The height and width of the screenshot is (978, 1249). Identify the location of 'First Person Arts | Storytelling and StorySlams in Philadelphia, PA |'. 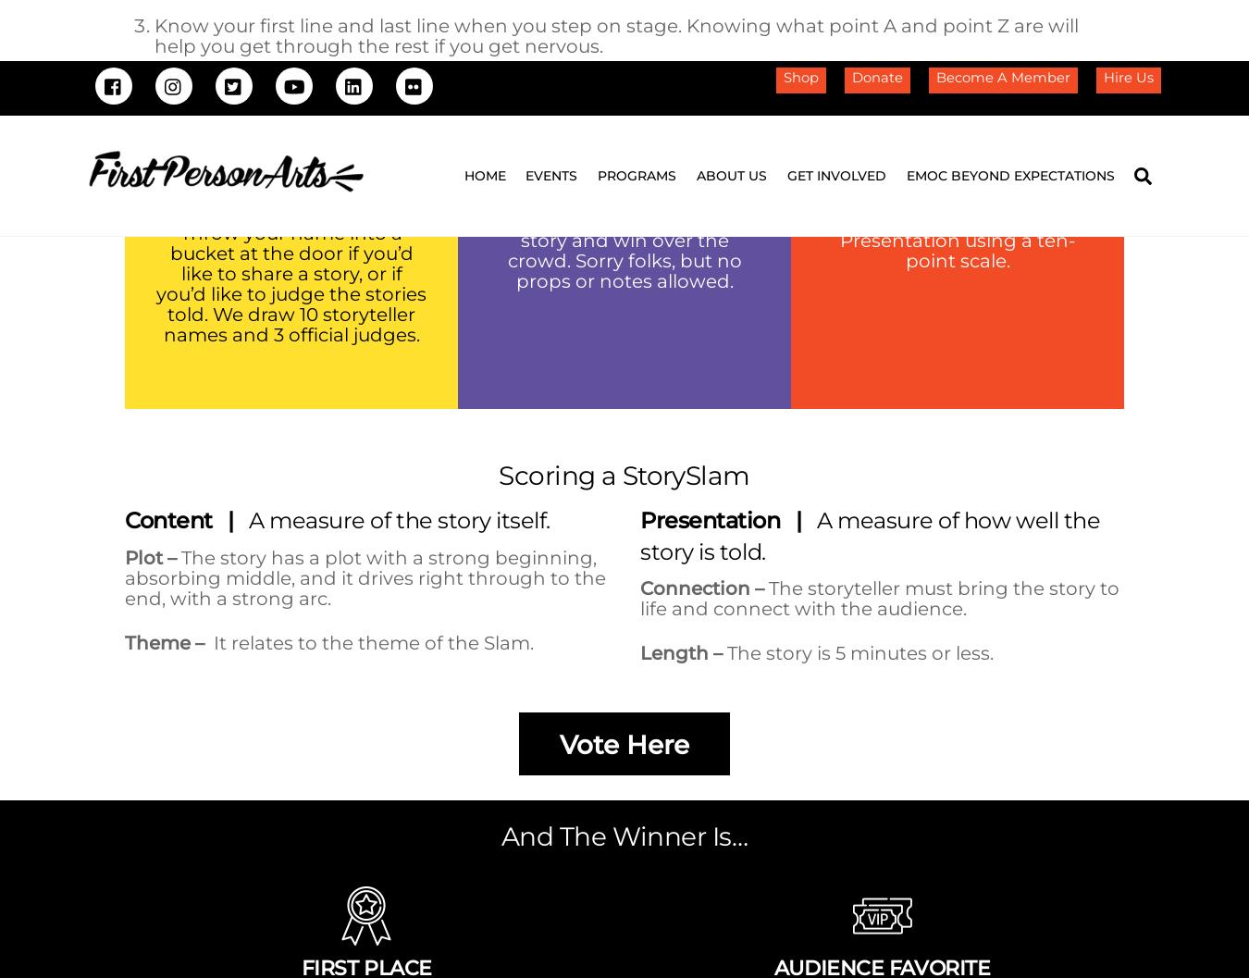
(612, 836).